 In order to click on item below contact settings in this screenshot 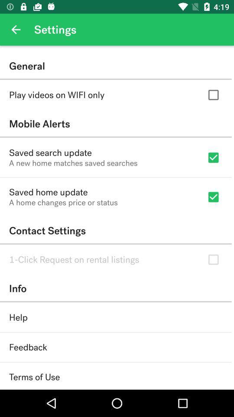, I will do `click(74, 259)`.